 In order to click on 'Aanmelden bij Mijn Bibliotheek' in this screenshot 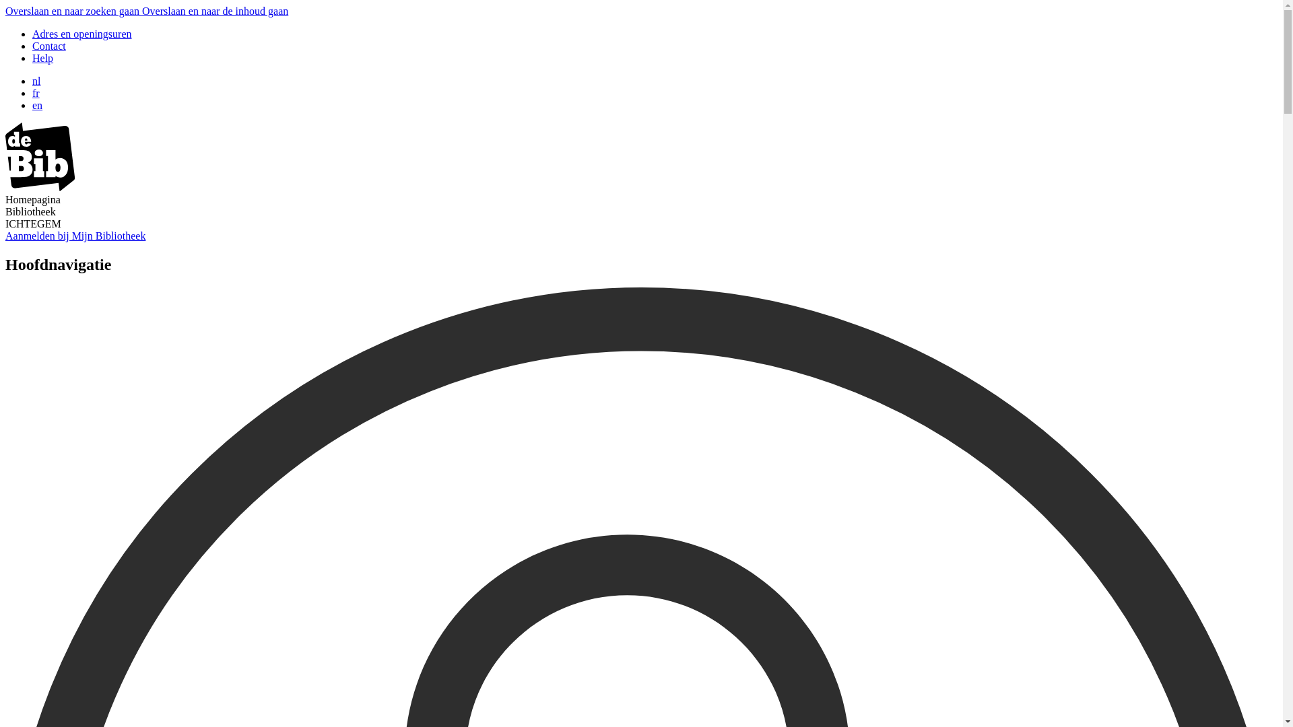, I will do `click(74, 235)`.